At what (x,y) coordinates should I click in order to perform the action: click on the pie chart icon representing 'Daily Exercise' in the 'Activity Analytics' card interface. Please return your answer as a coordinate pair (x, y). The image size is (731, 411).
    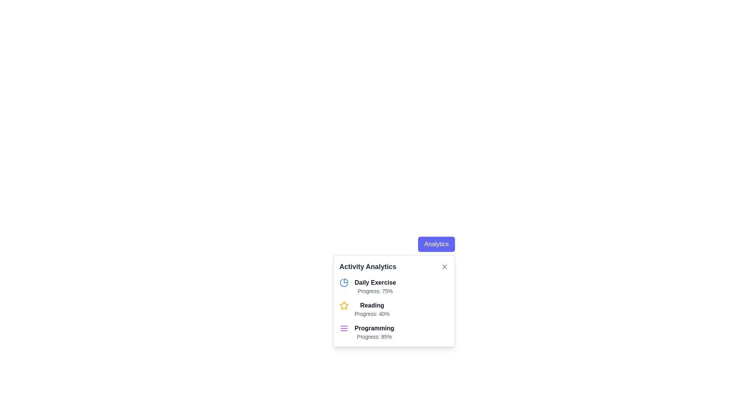
    Looking at the image, I should click on (343, 283).